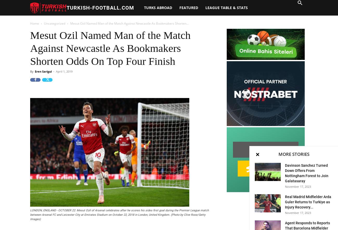  I want to click on 'Mesut Ozil Named Man of the Match Against Newcastle As Bookmakers Shorten Odds On Top Four Finish', so click(110, 48).